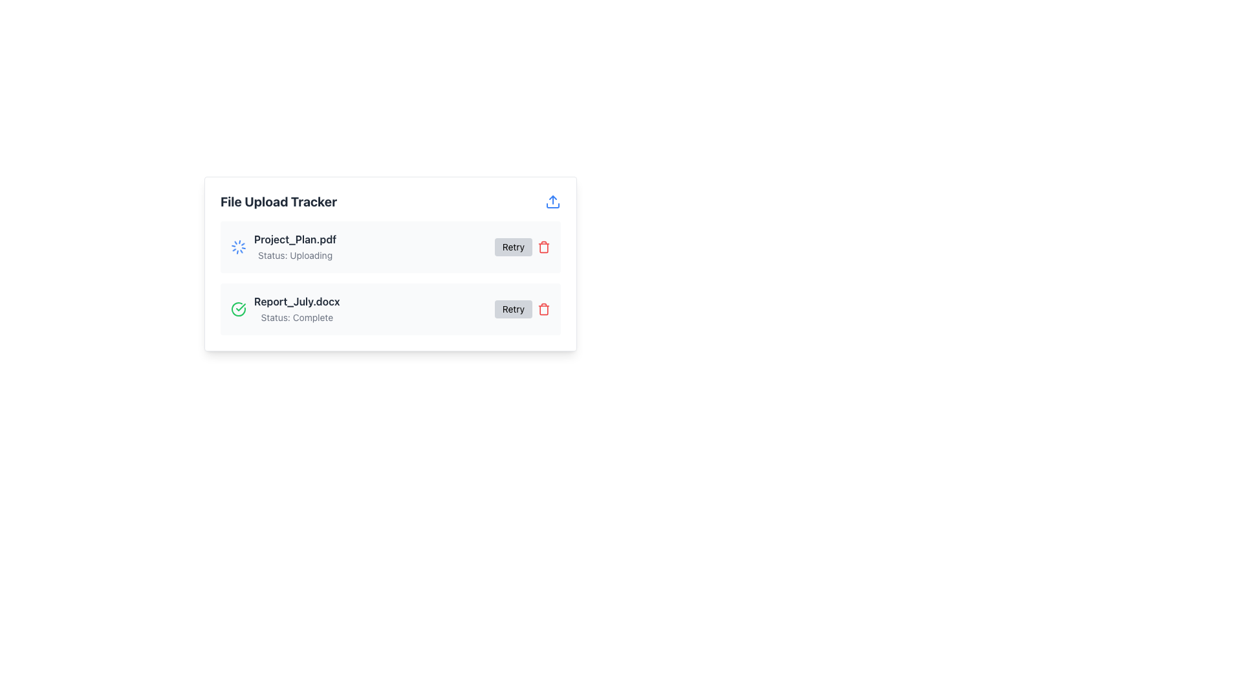 Image resolution: width=1242 pixels, height=699 pixels. What do you see at coordinates (296, 317) in the screenshot?
I see `the text label displaying 'Status: Complete', which is styled in a small light gray font and located below the 'Report_July.docx' label` at bounding box center [296, 317].